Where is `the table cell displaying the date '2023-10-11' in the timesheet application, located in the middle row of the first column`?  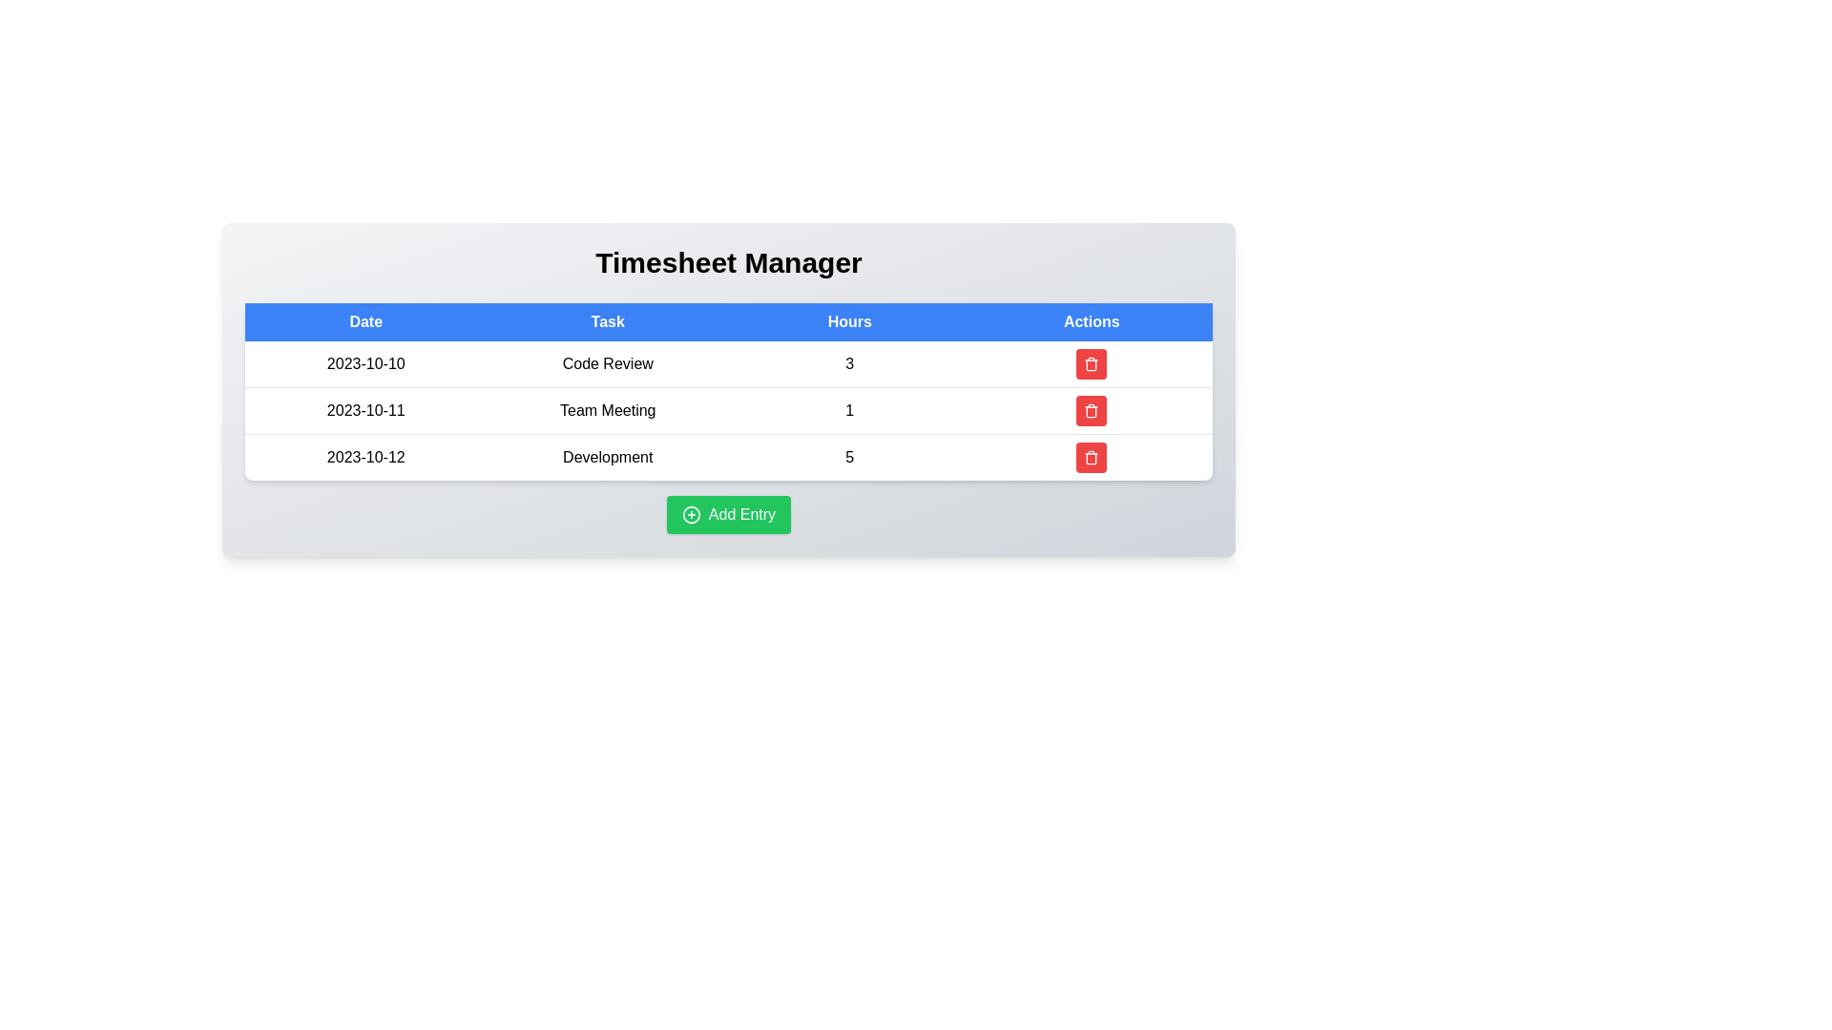
the table cell displaying the date '2023-10-11' in the timesheet application, located in the middle row of the first column is located at coordinates (365, 410).